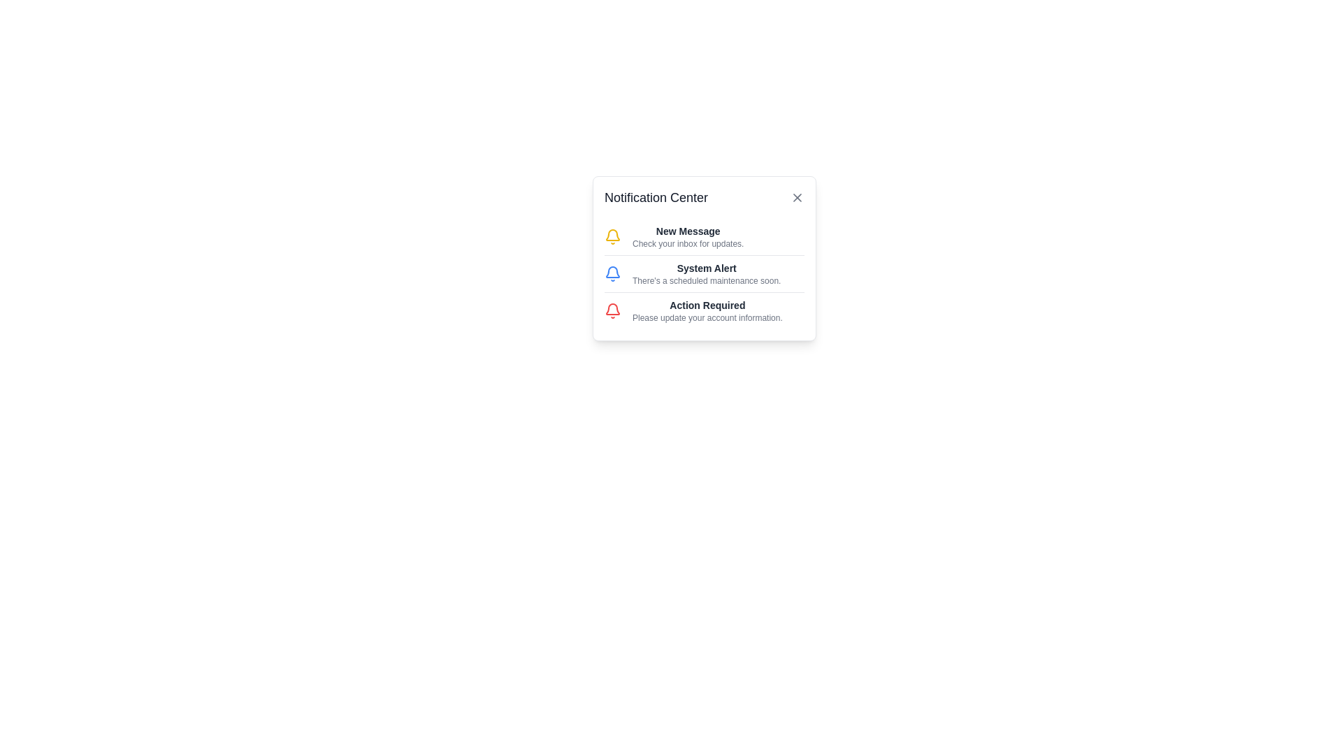 The height and width of the screenshot is (755, 1342). I want to click on the notification item featuring a yellow bell icon and text 'New Message' in the Notification Center, so click(705, 236).